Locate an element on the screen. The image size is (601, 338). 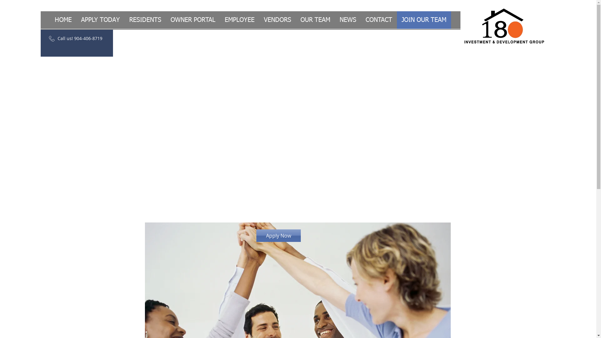
'JOIN OUR TEAM' is located at coordinates (424, 20).